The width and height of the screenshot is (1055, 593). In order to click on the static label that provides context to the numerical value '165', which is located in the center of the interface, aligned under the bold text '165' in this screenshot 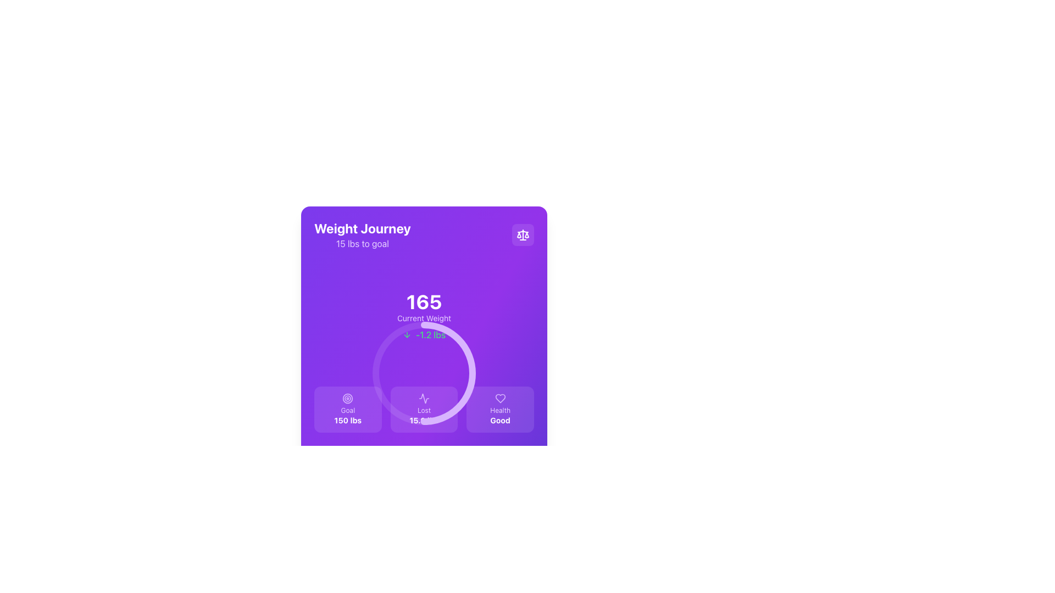, I will do `click(424, 318)`.